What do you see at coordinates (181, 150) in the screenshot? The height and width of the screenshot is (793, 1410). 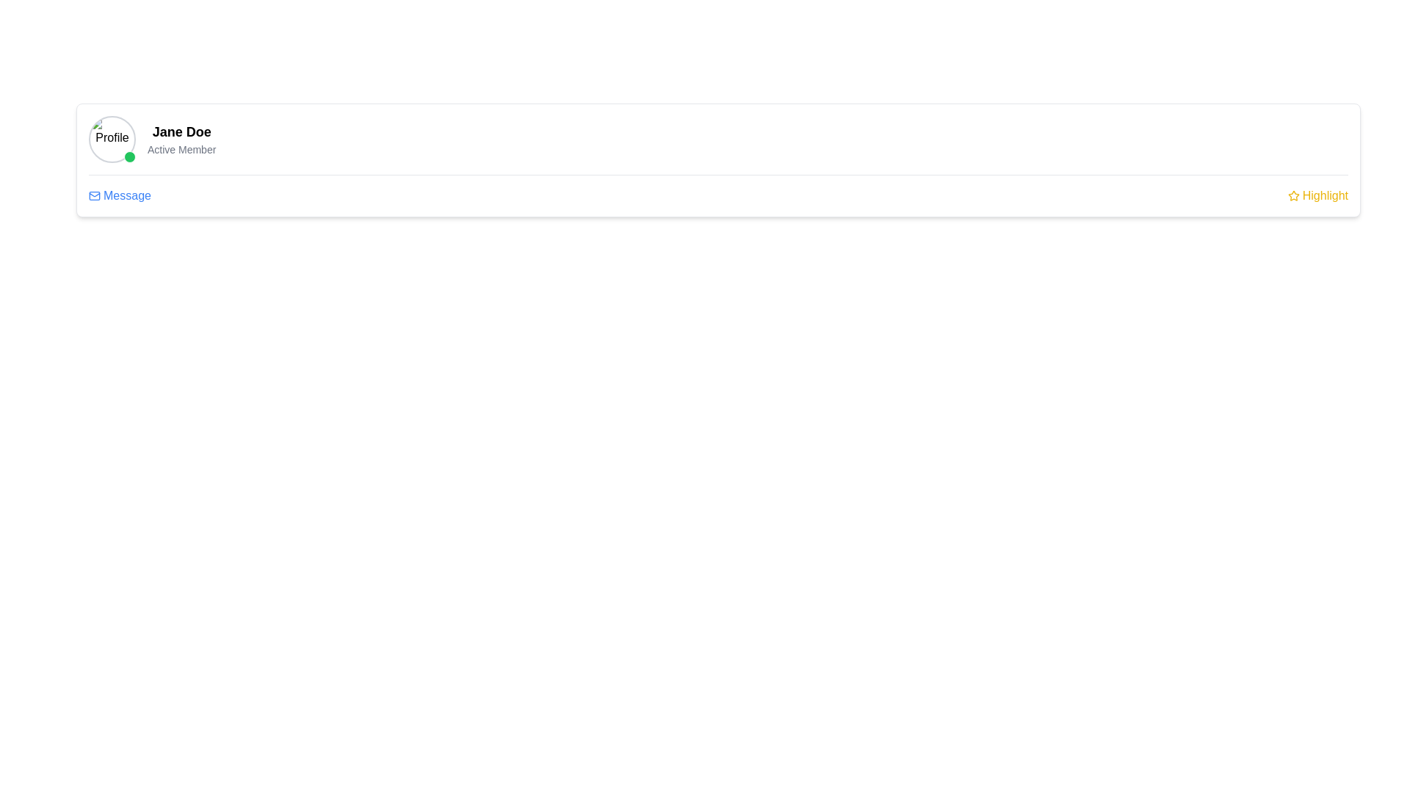 I see `text label indicating the membership status of the user, which states 'Active Member', located directly beneath 'Jane Doe' within the profile card component` at bounding box center [181, 150].